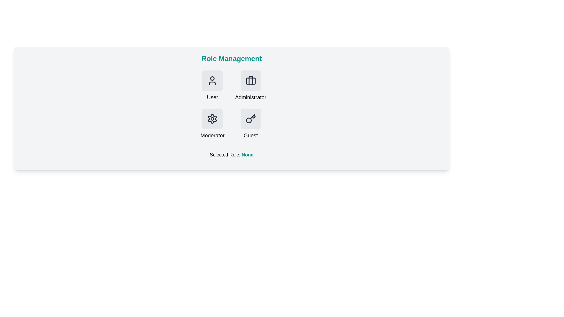 The image size is (564, 317). I want to click on the 'User' text label, so click(212, 97).